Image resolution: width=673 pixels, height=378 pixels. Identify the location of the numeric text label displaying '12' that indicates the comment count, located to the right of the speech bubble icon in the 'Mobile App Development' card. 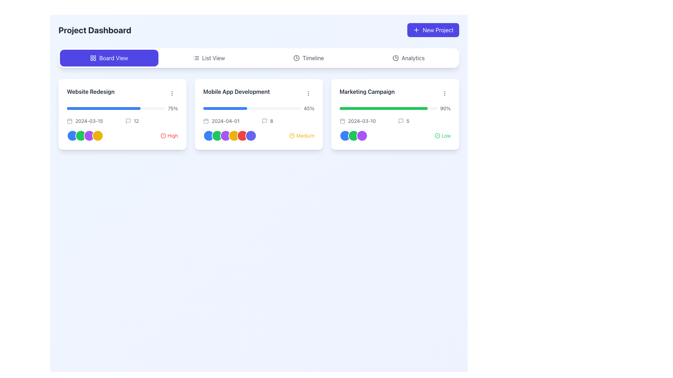
(136, 121).